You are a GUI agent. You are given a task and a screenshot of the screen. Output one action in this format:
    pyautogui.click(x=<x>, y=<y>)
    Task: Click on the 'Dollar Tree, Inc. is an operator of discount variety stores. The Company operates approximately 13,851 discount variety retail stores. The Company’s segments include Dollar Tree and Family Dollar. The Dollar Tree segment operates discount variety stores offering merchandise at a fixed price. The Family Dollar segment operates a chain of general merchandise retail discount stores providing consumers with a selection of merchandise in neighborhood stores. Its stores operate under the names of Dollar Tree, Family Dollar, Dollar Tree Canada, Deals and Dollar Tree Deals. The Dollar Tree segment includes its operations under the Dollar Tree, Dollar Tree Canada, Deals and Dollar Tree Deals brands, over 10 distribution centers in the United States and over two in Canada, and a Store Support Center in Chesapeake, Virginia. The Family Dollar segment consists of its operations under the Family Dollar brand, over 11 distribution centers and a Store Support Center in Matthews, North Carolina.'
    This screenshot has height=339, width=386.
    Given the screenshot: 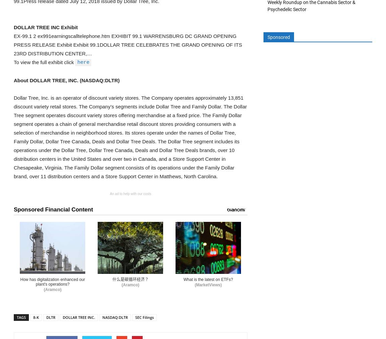 What is the action you would take?
    pyautogui.click(x=130, y=137)
    